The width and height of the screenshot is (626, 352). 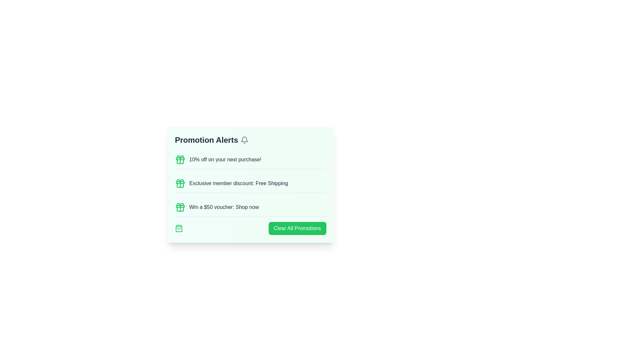 I want to click on the promotional text label that informs users about winning a voucher, located above the 'Clear All Promotions' button, so click(x=224, y=207).